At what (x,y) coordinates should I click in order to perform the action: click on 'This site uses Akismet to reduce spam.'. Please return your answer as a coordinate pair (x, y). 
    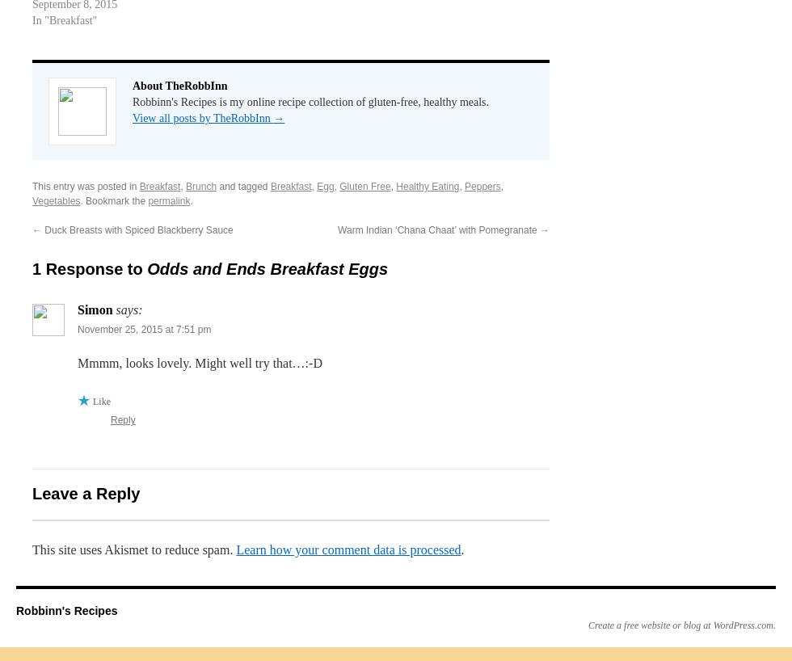
    Looking at the image, I should click on (134, 549).